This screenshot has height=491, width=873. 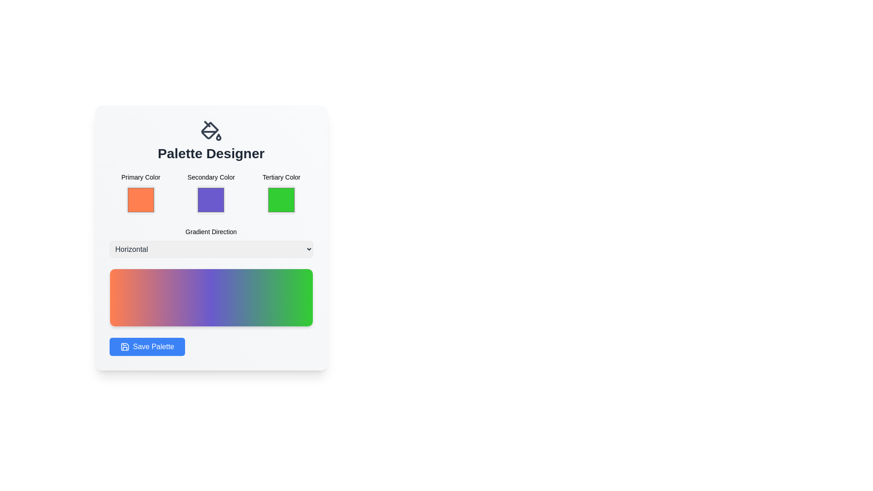 I want to click on the 'Save Palette' text label which is displayed in white font on a blue button located at the bottom center of the interface, so click(x=153, y=347).